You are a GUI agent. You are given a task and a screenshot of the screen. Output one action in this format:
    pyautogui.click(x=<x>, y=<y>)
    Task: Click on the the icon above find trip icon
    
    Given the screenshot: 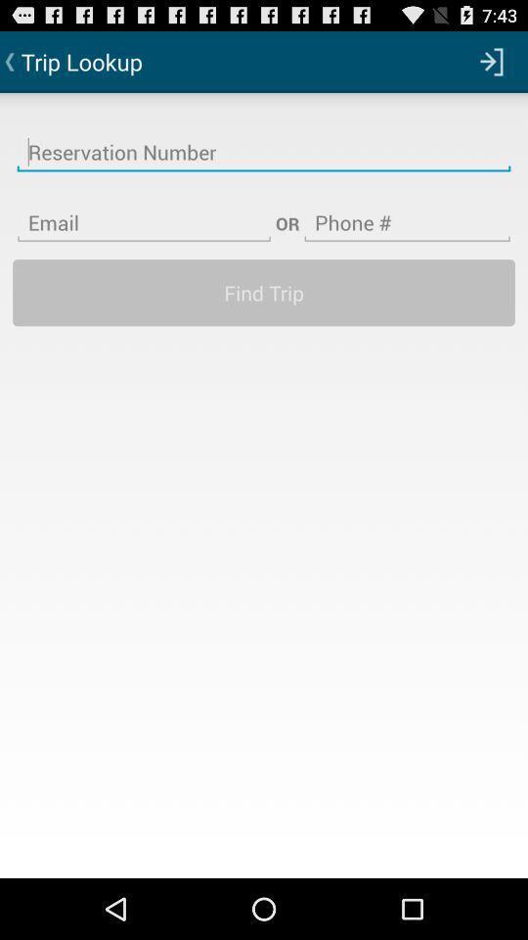 What is the action you would take?
    pyautogui.click(x=406, y=211)
    